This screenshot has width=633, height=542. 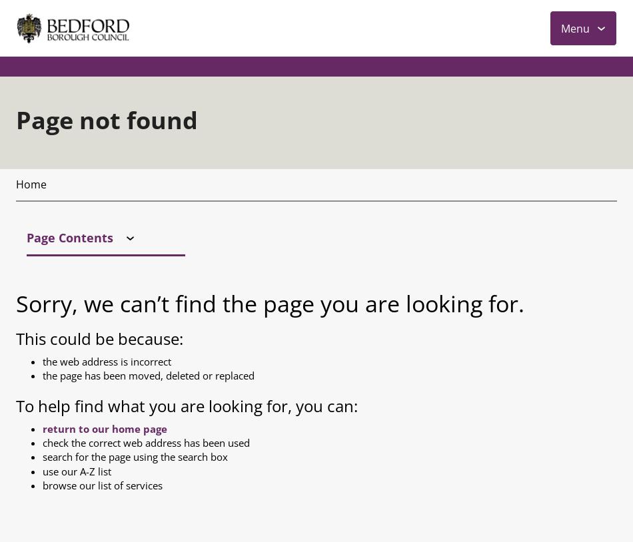 I want to click on 'the page has been moved, deleted or replaced', so click(x=148, y=92).